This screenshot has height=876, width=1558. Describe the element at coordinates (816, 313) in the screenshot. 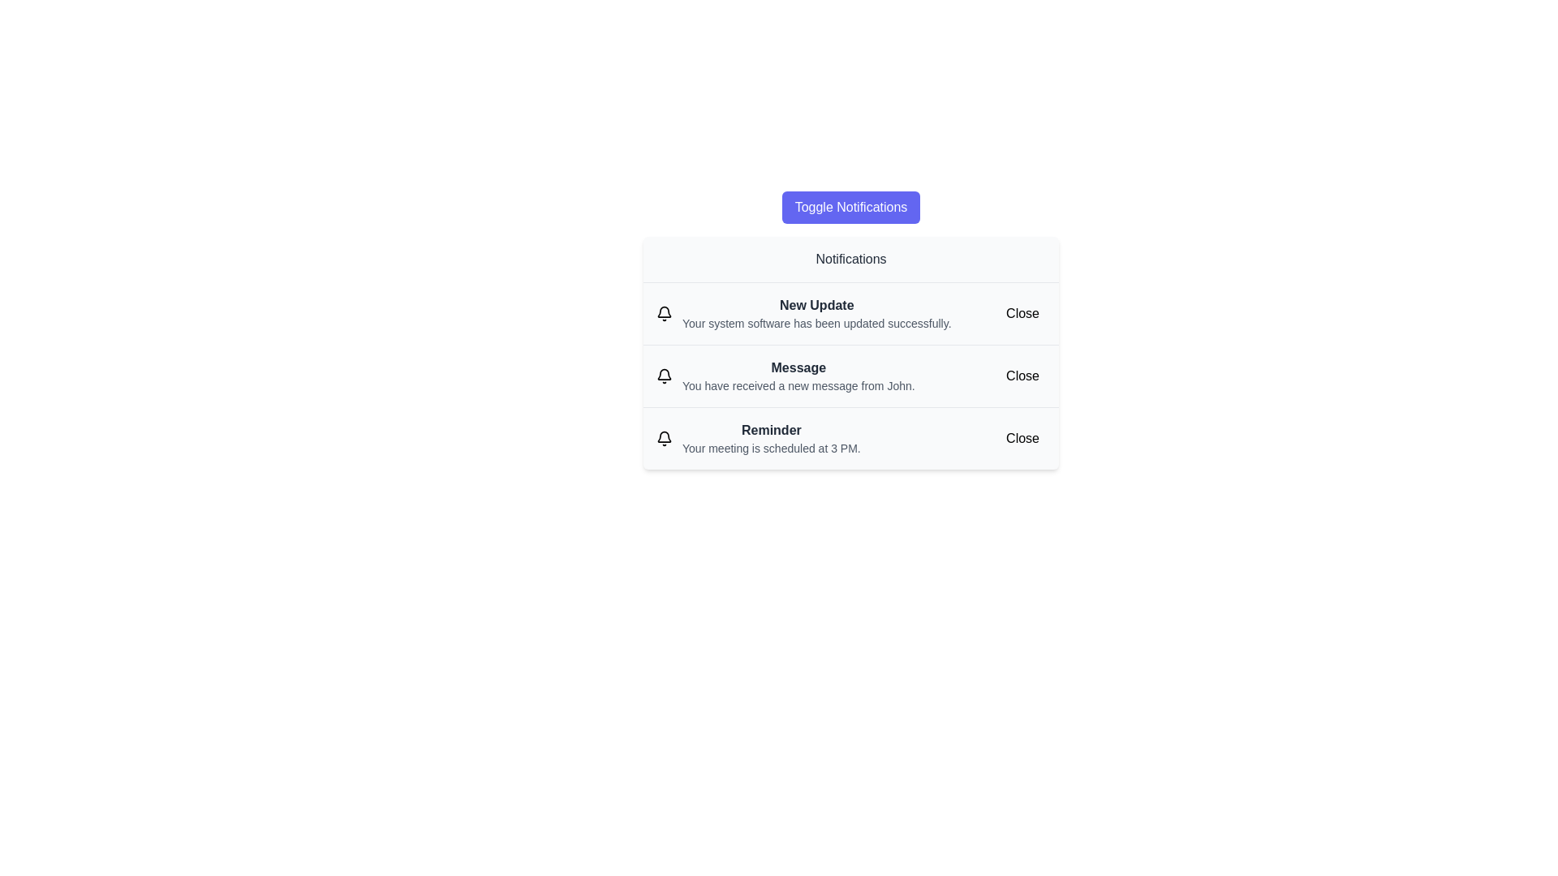

I see `the notification entry containing the title 'New Update' and the description 'Your system software has been updated successfully.'` at that location.